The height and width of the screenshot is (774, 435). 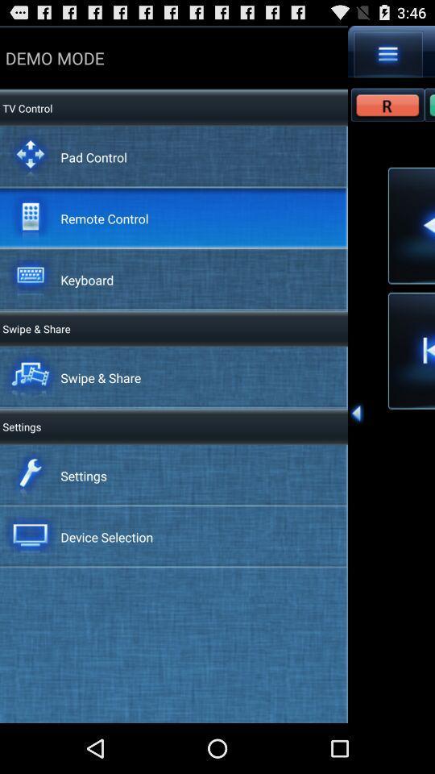 What do you see at coordinates (387, 54) in the screenshot?
I see `item next to demo mode icon` at bounding box center [387, 54].